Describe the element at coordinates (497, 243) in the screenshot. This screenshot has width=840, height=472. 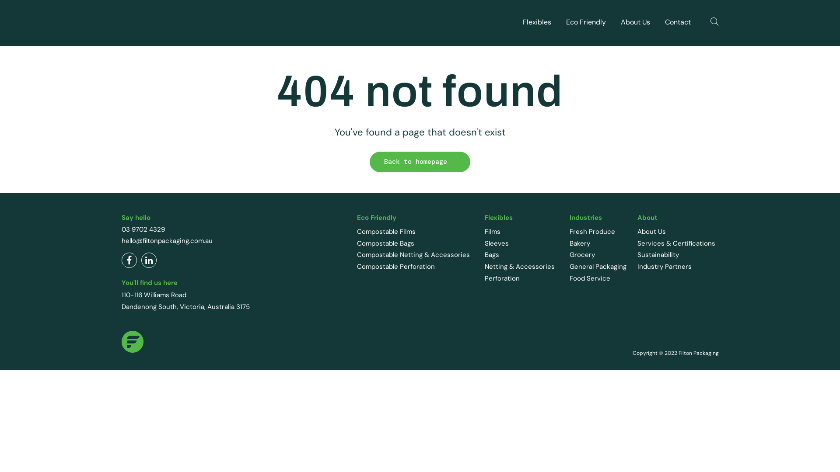
I see `'Sleeves'` at that location.